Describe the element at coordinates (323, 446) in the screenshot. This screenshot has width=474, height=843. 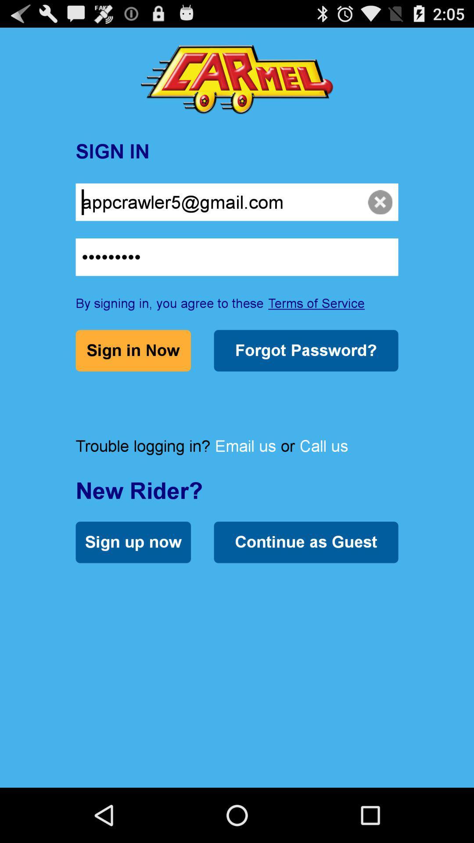
I see `call us  item` at that location.